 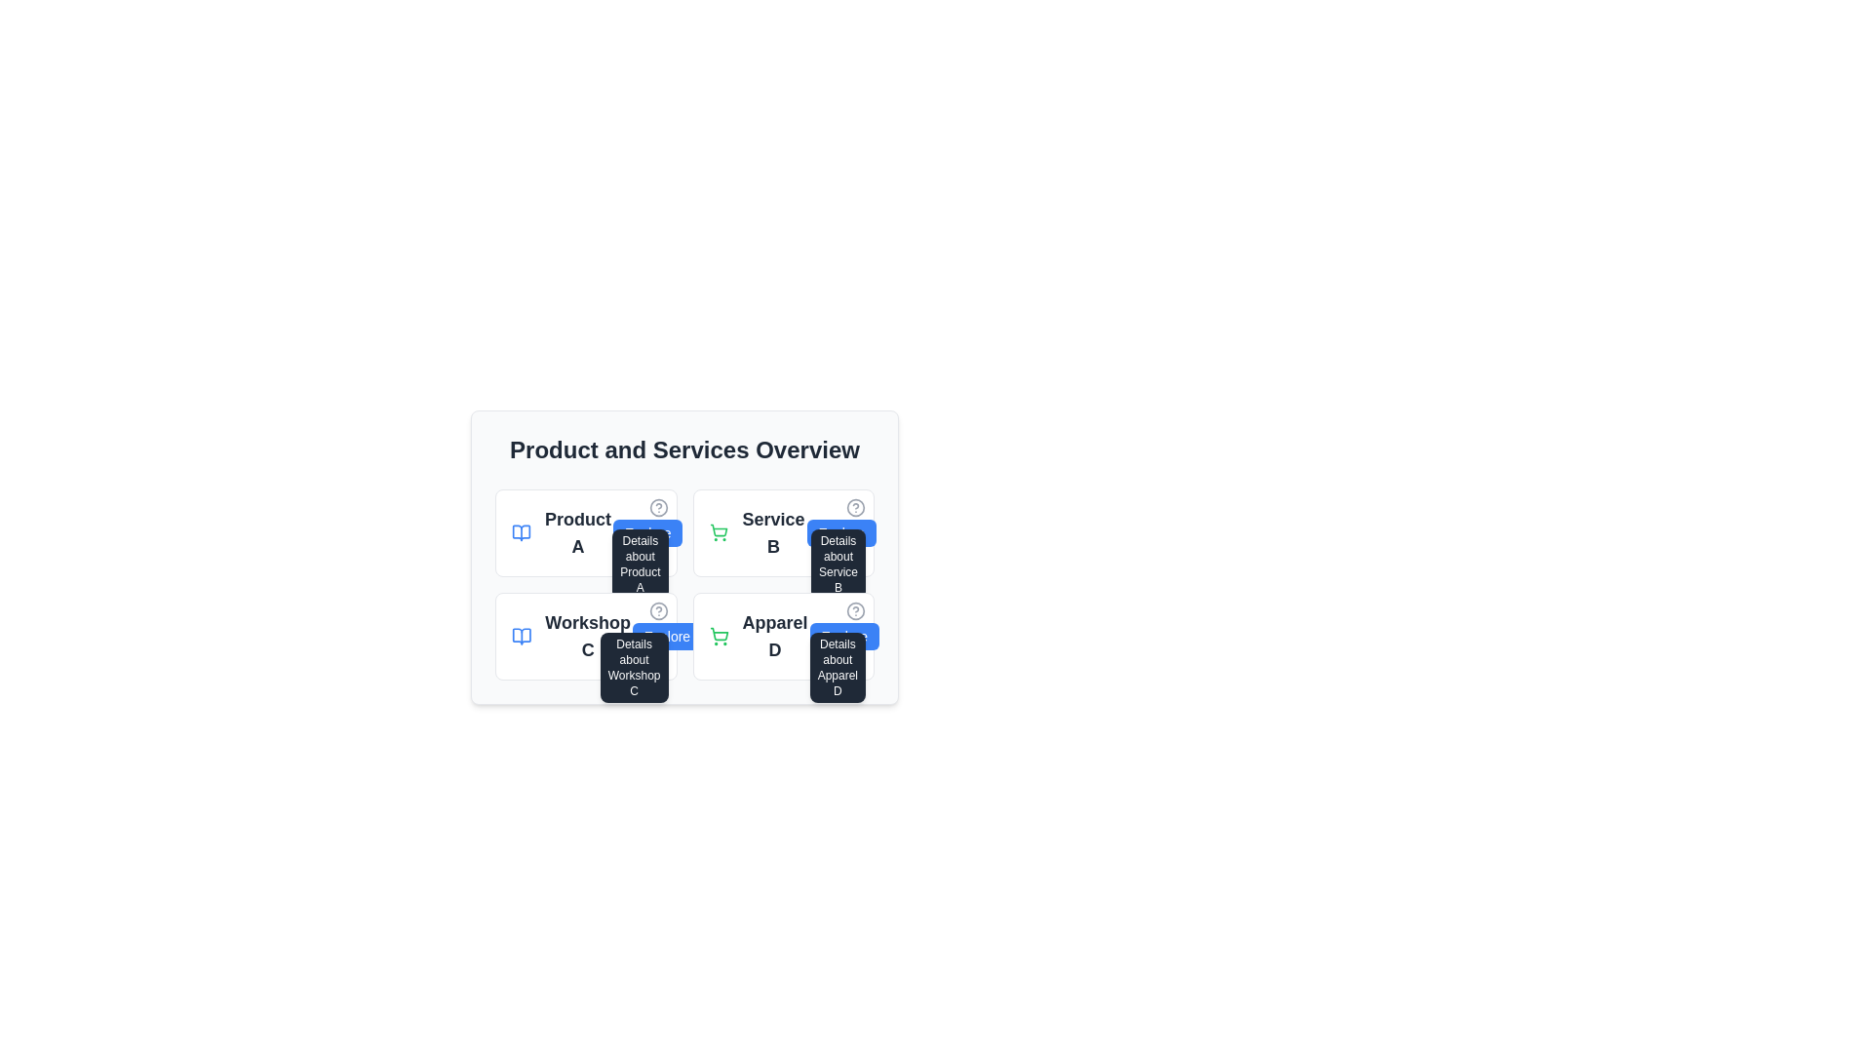 I want to click on the button located in the 'Apparel D' section, positioned at the bottom-right corner below the title 'Apparel D', so click(x=844, y=636).